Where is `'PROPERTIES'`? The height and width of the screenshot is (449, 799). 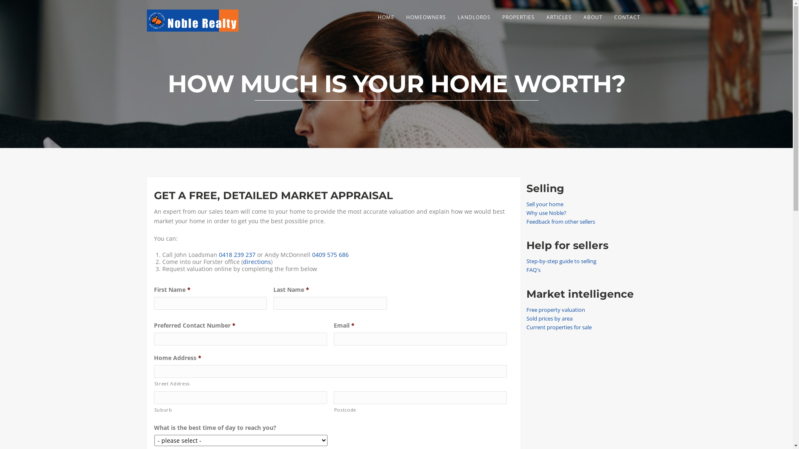
'PROPERTIES' is located at coordinates (496, 17).